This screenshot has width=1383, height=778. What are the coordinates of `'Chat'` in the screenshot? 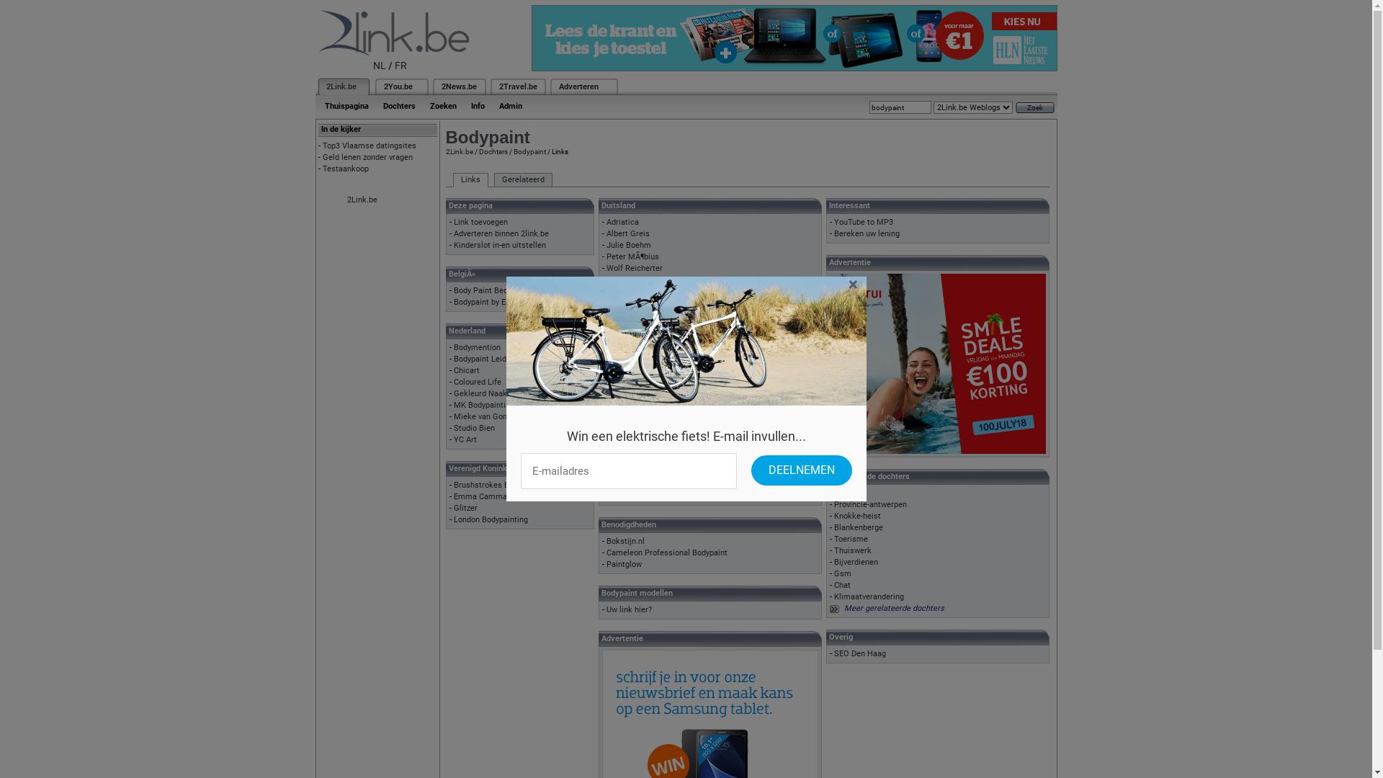 It's located at (842, 585).